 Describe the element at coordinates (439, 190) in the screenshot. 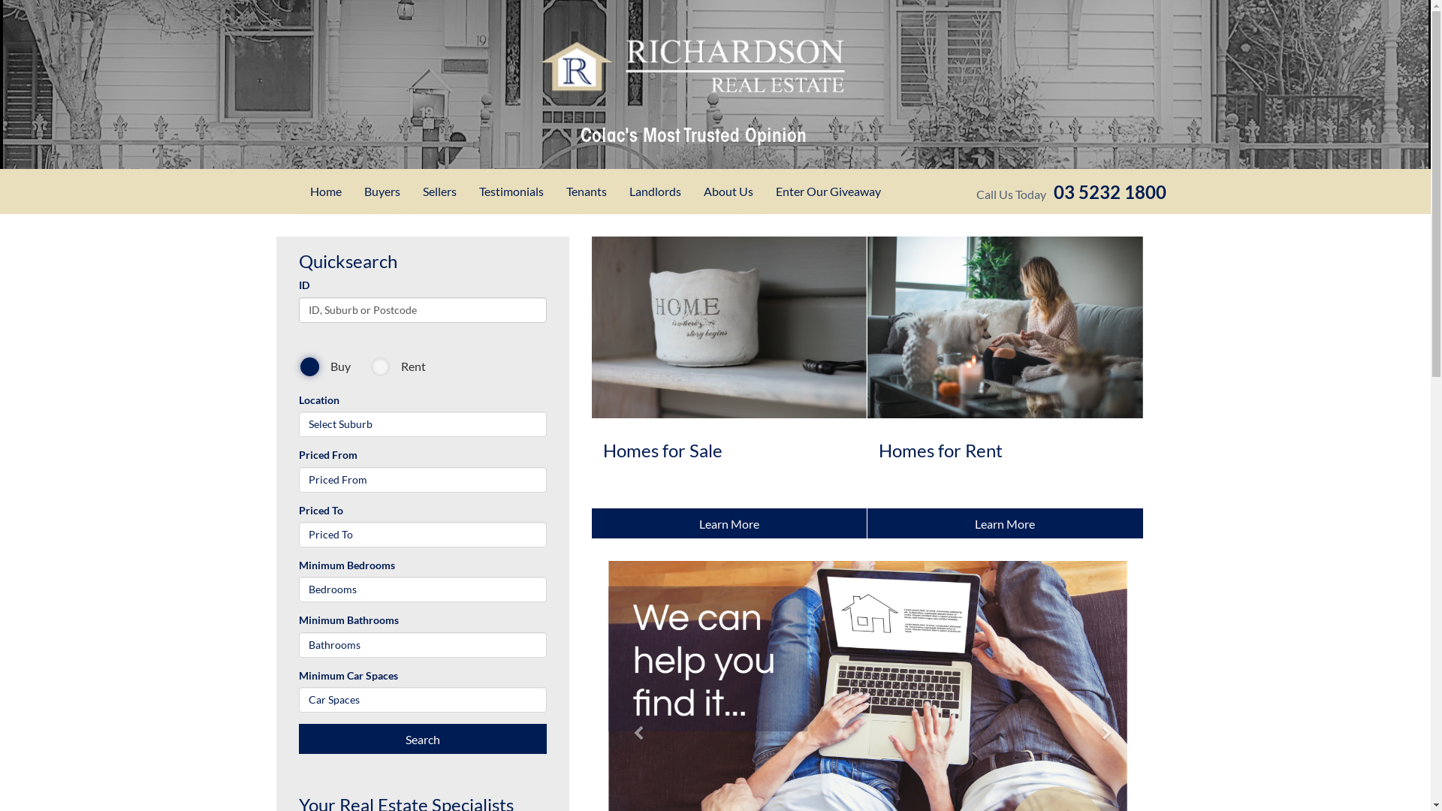

I see `'Sellers'` at that location.